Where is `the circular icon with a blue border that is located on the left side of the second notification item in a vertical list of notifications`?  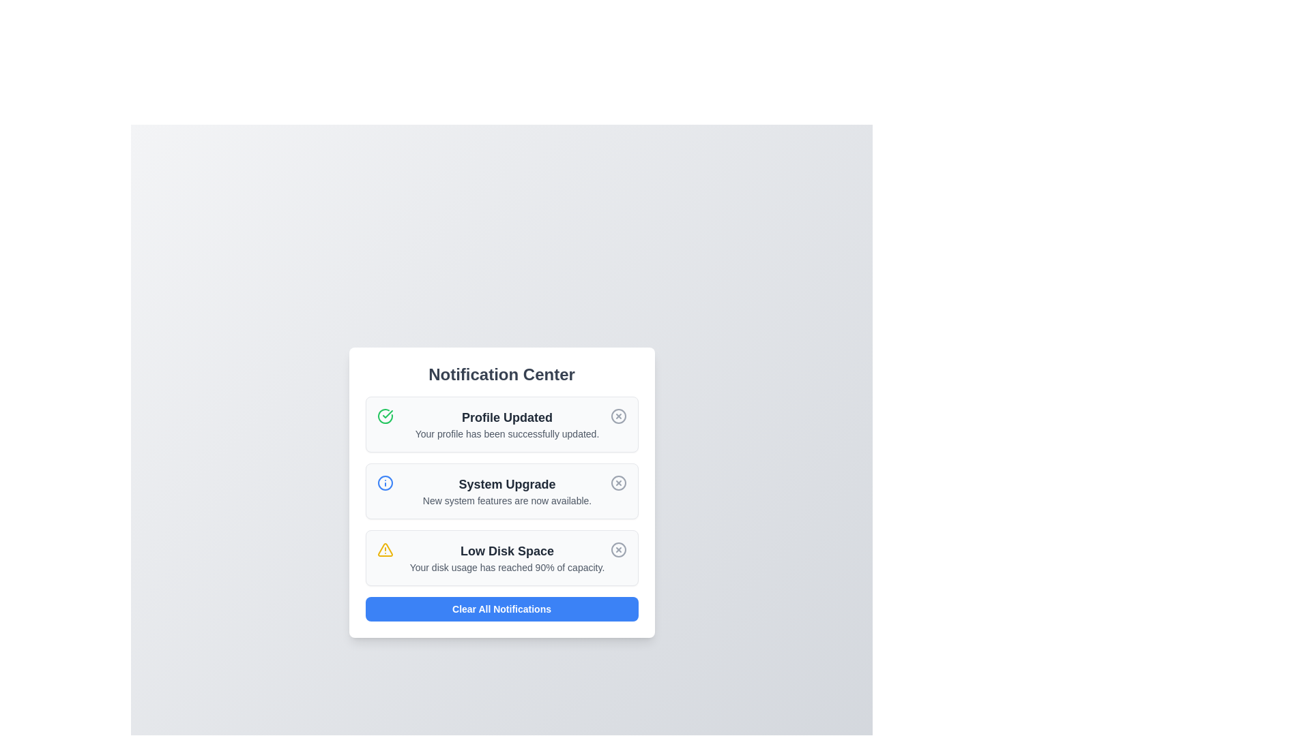
the circular icon with a blue border that is located on the left side of the second notification item in a vertical list of notifications is located at coordinates (384, 482).